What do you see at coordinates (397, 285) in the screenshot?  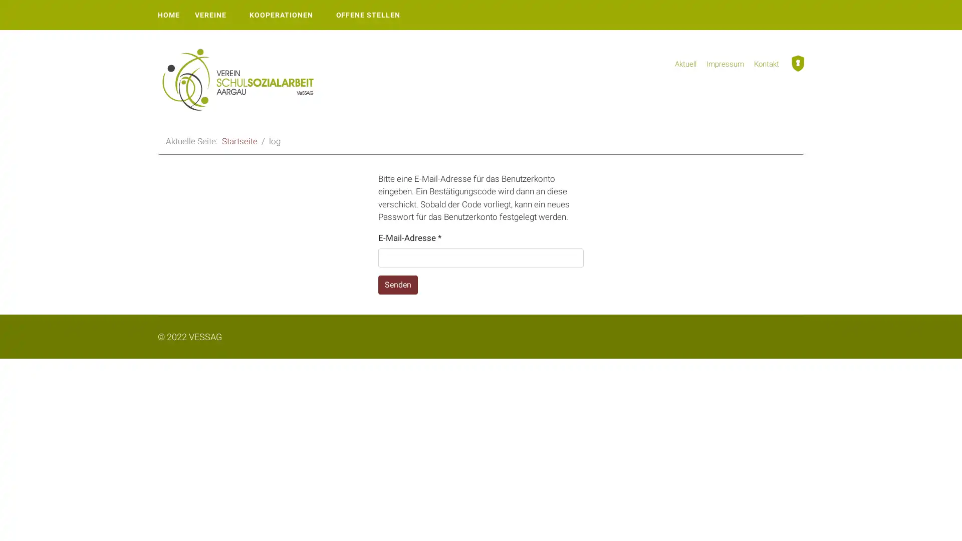 I see `Senden` at bounding box center [397, 285].